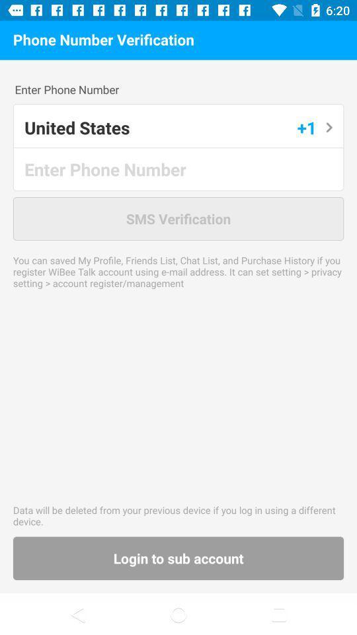  Describe the element at coordinates (178, 218) in the screenshot. I see `the sms verification app` at that location.